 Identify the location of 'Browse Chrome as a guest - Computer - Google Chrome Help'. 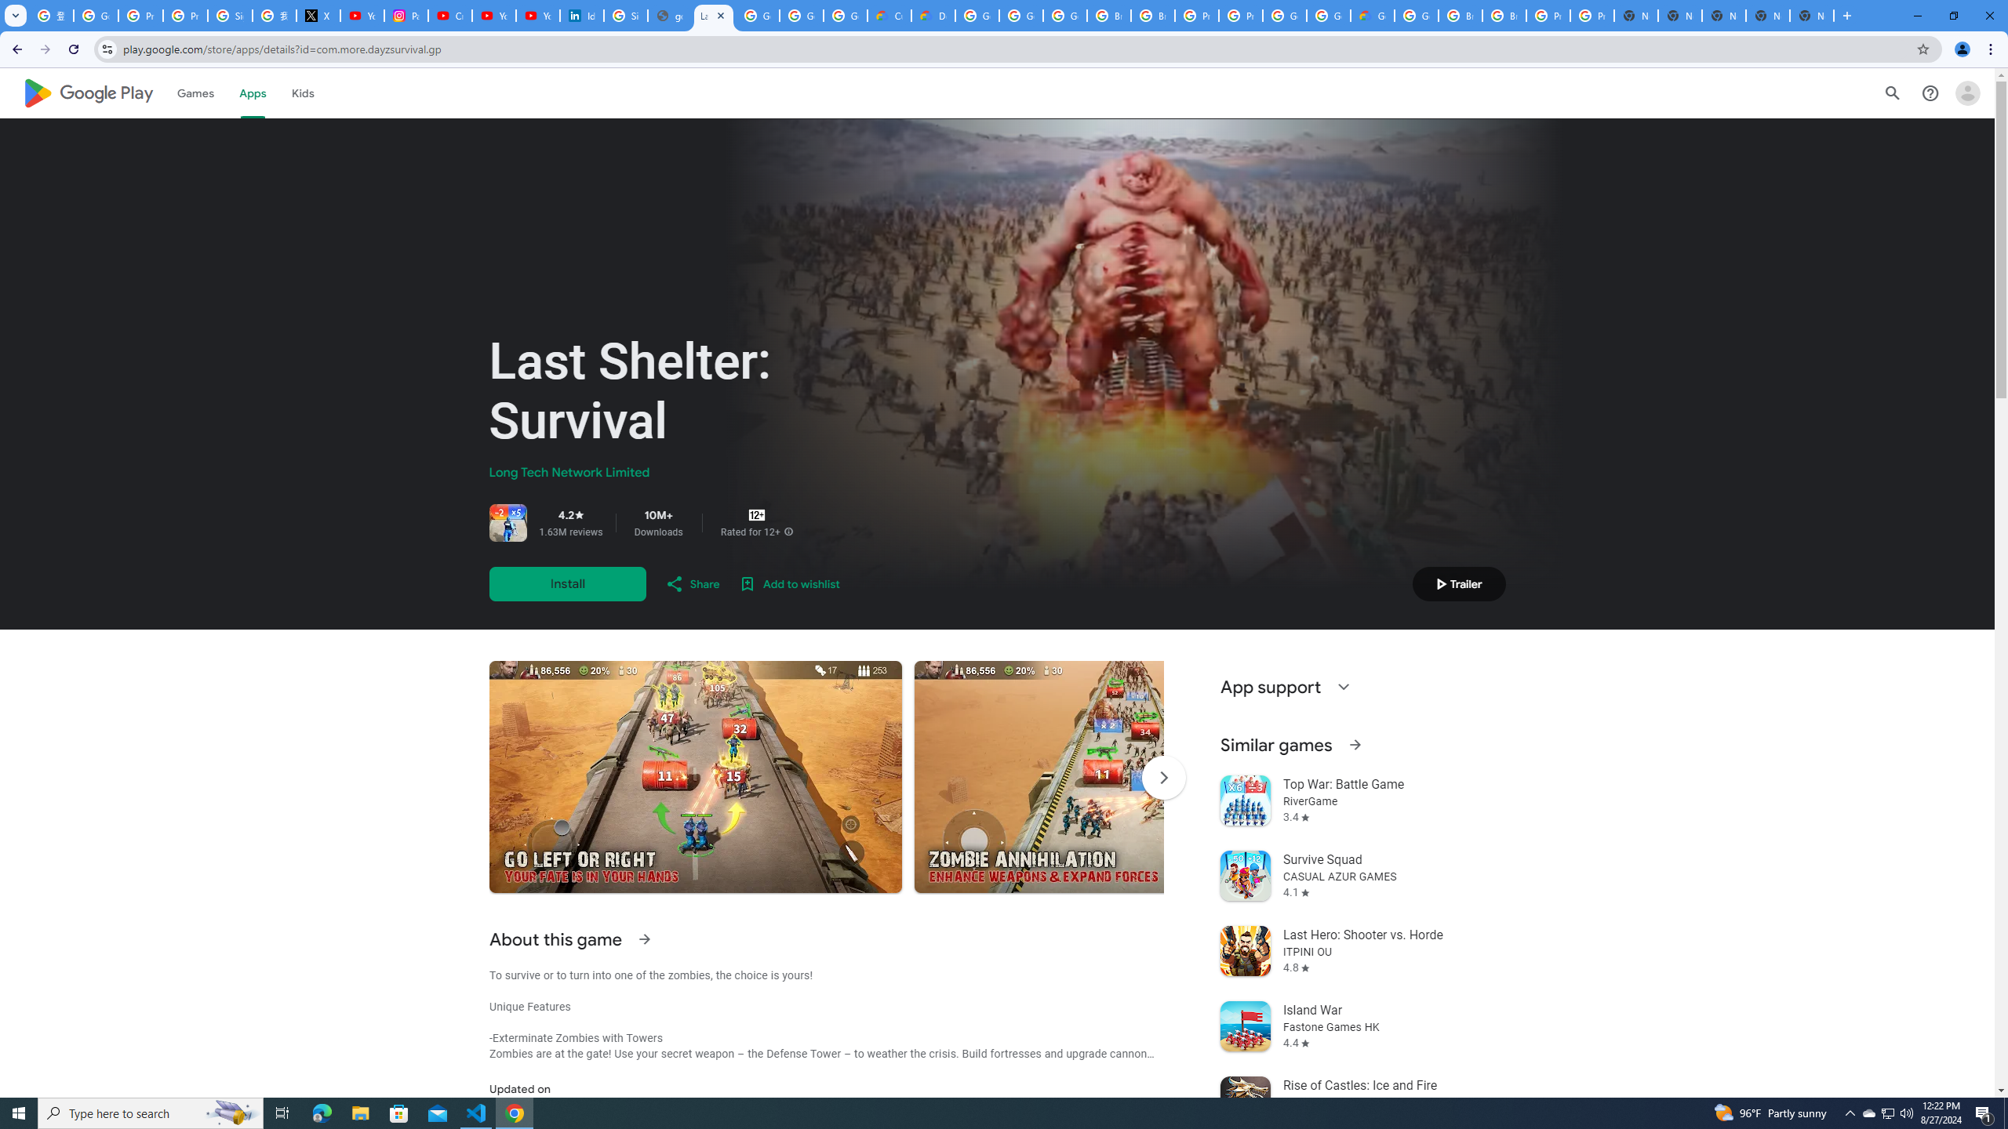
(1109, 15).